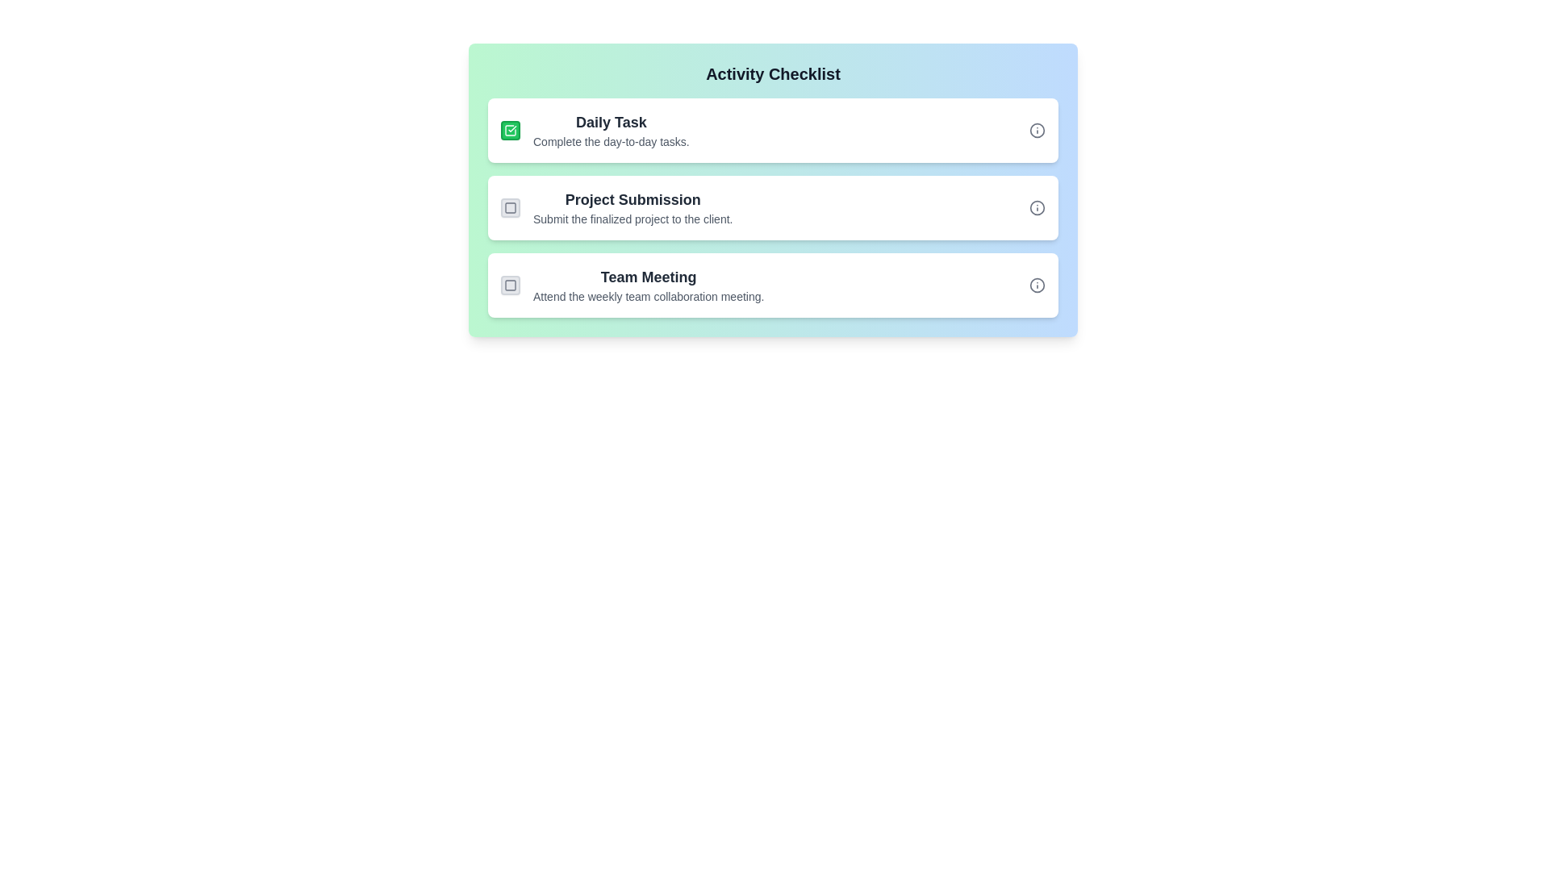 The height and width of the screenshot is (871, 1549). I want to click on the checkbox to the left of the 'Daily Task' text label, so click(510, 130).